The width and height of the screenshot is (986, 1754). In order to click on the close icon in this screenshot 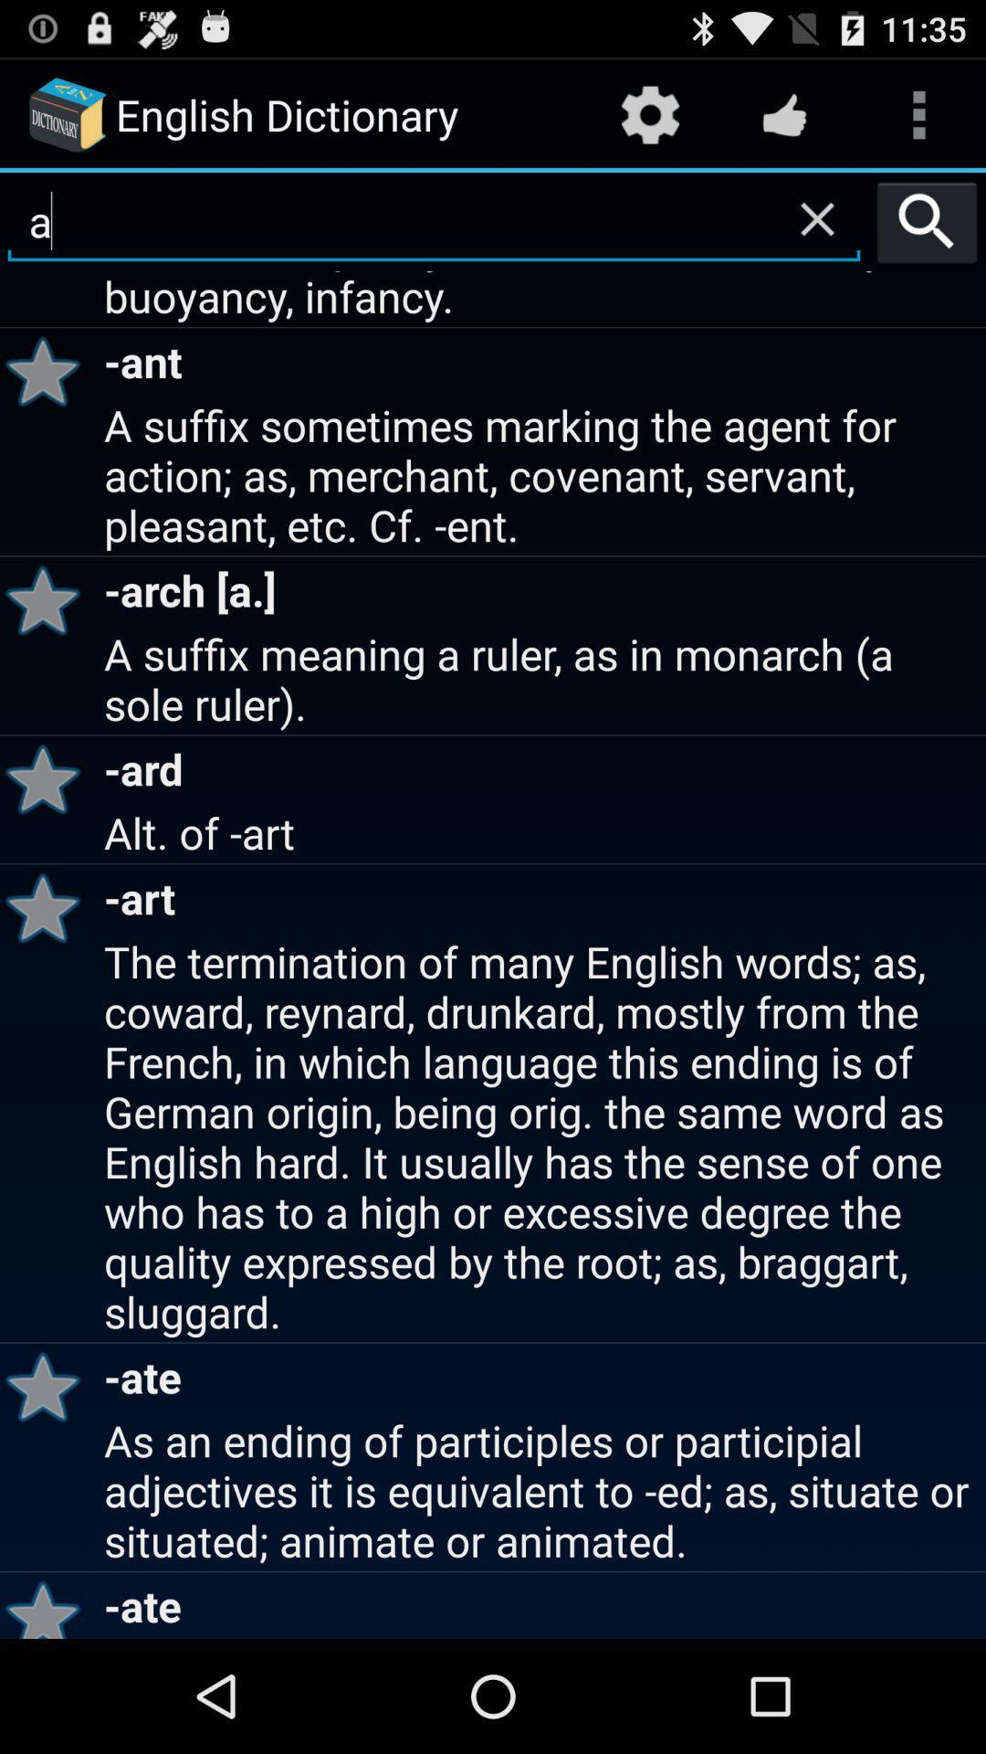, I will do `click(816, 233)`.